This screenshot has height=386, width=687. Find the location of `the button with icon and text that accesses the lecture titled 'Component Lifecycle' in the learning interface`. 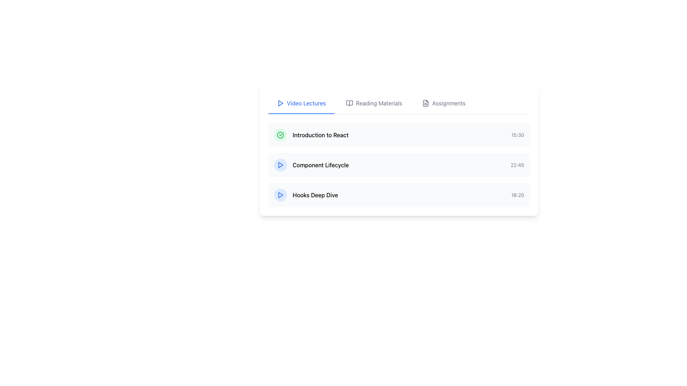

the button with icon and text that accesses the lecture titled 'Component Lifecycle' in the learning interface is located at coordinates (311, 165).